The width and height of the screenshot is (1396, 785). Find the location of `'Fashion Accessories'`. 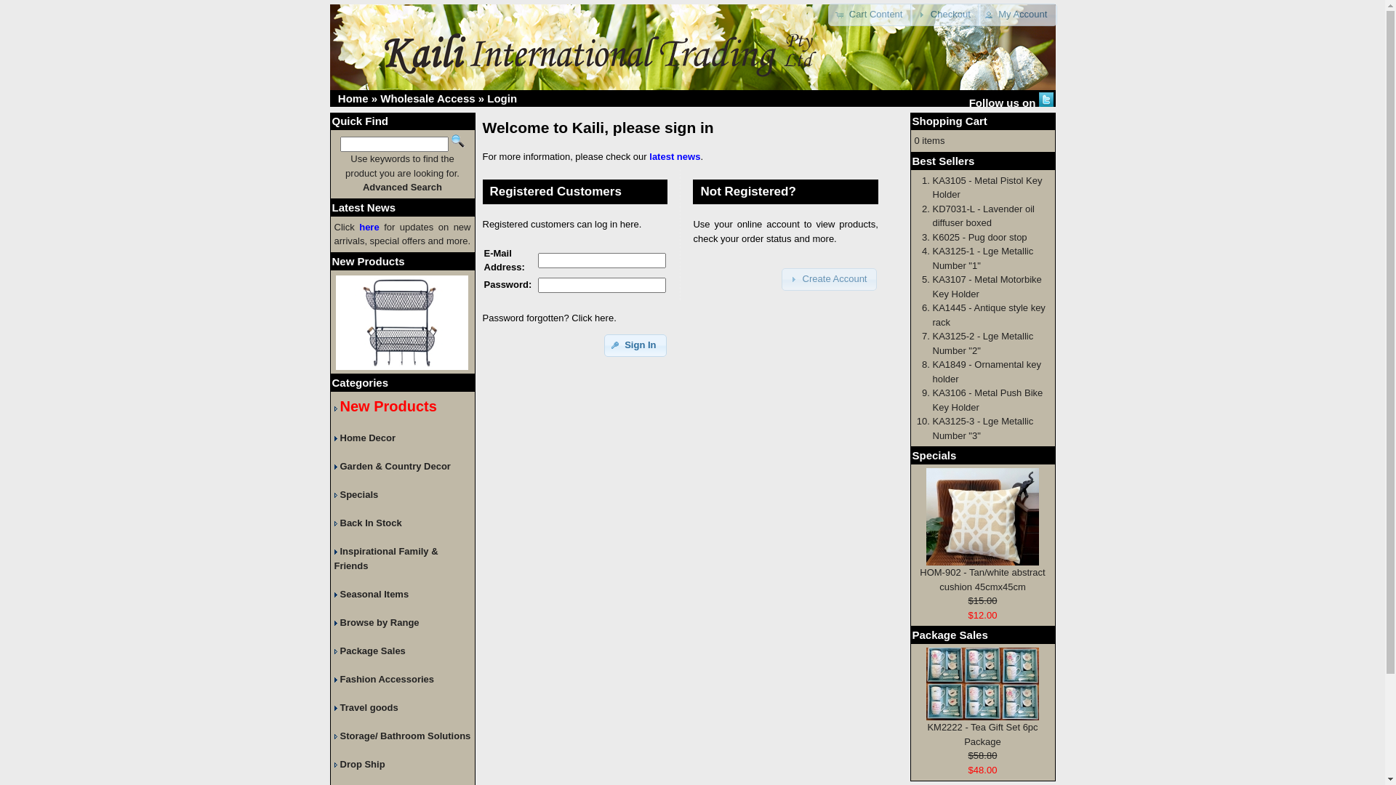

'Fashion Accessories' is located at coordinates (384, 678).